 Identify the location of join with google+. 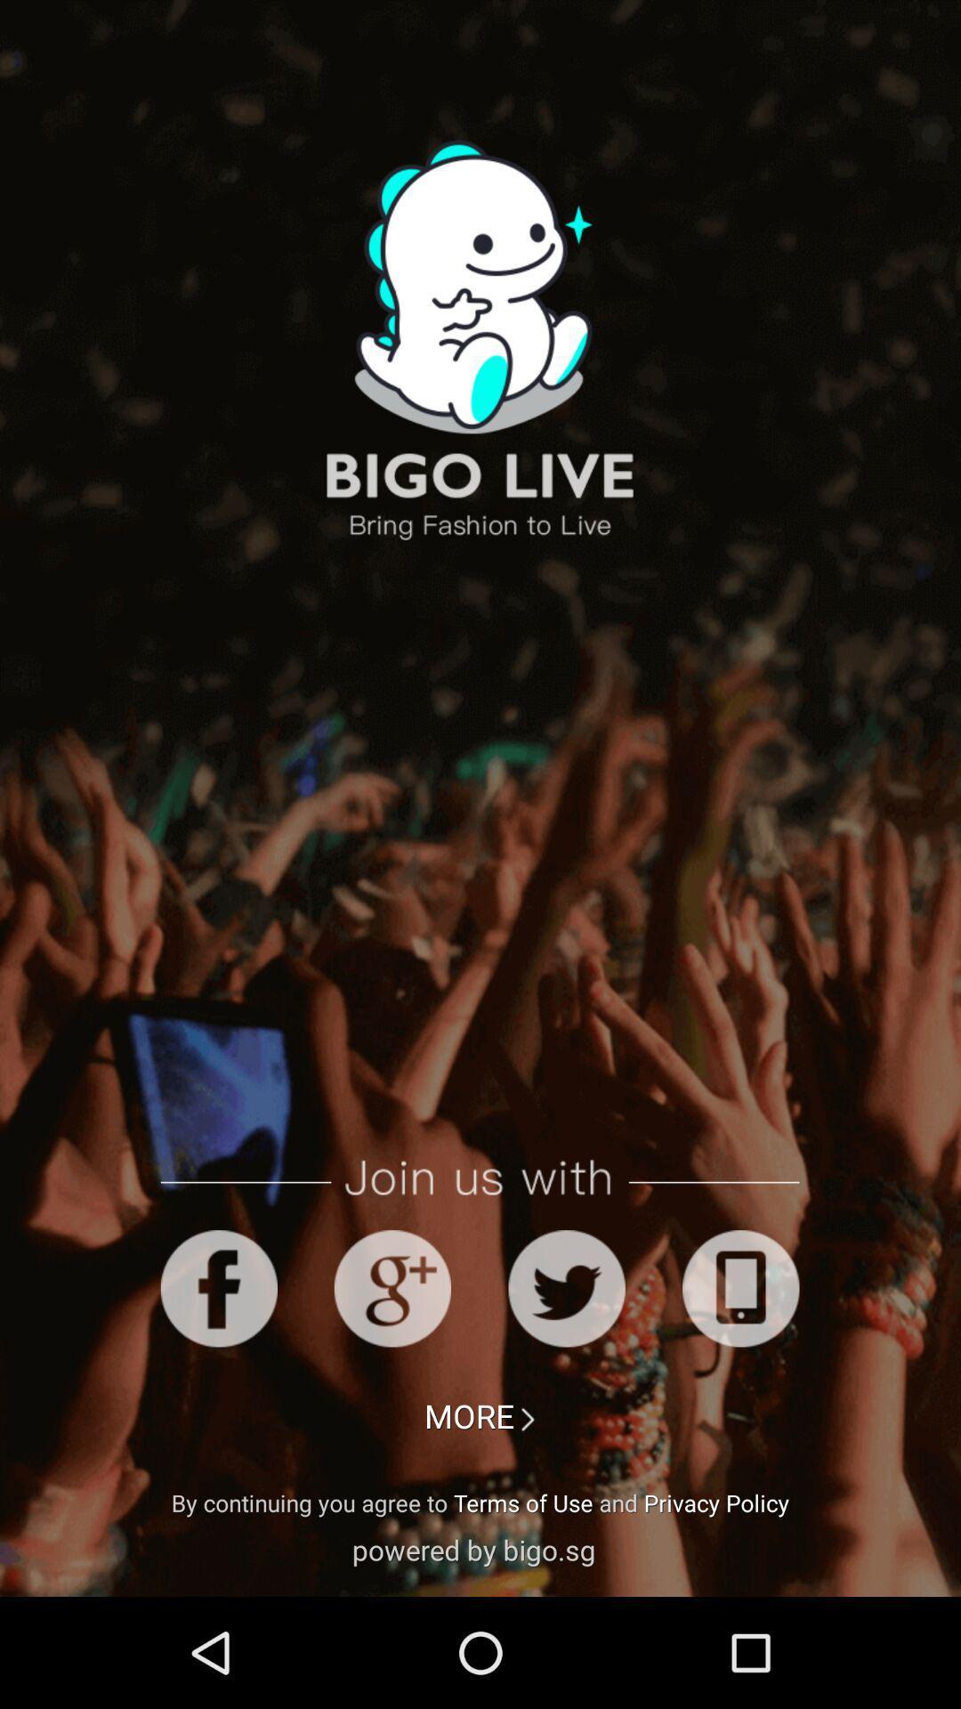
(392, 1288).